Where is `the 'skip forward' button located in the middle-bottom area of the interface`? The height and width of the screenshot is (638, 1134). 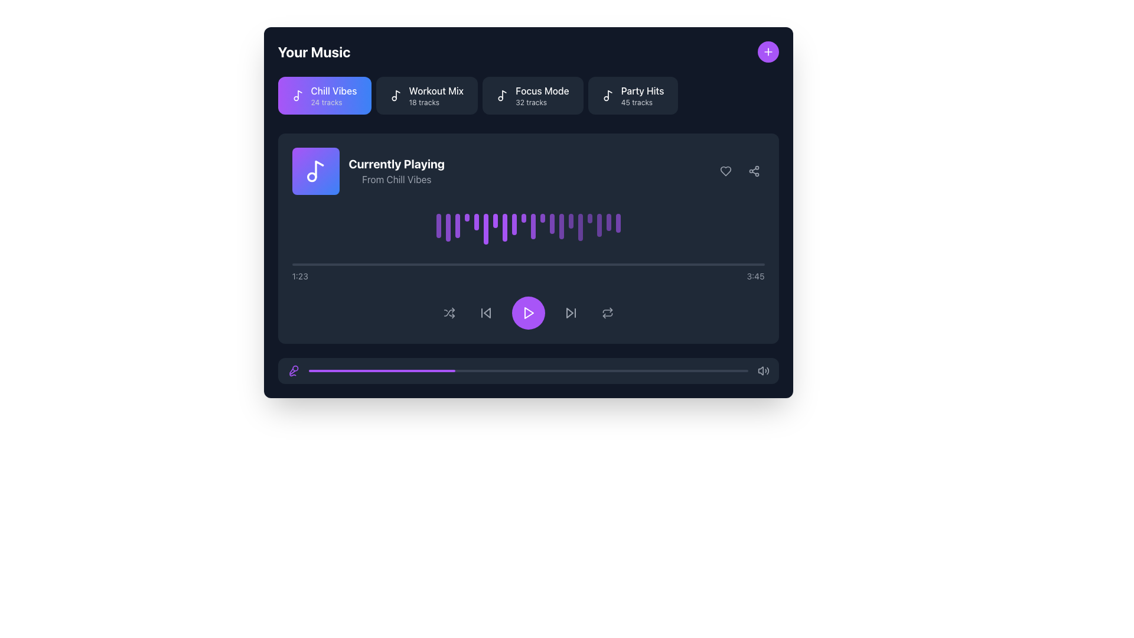 the 'skip forward' button located in the middle-bottom area of the interface is located at coordinates (569, 313).